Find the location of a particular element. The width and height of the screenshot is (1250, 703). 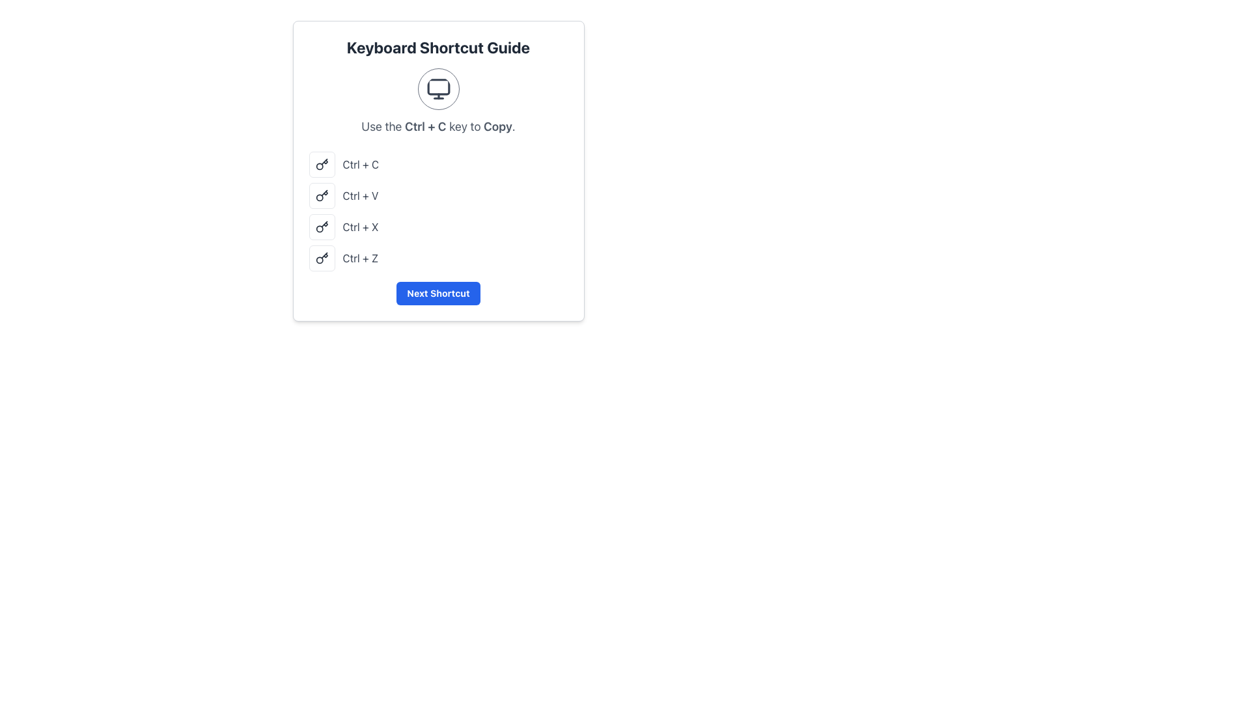

the text label displaying 'Ctrl + Z' which is part of the keyboard shortcuts list is located at coordinates (360, 258).